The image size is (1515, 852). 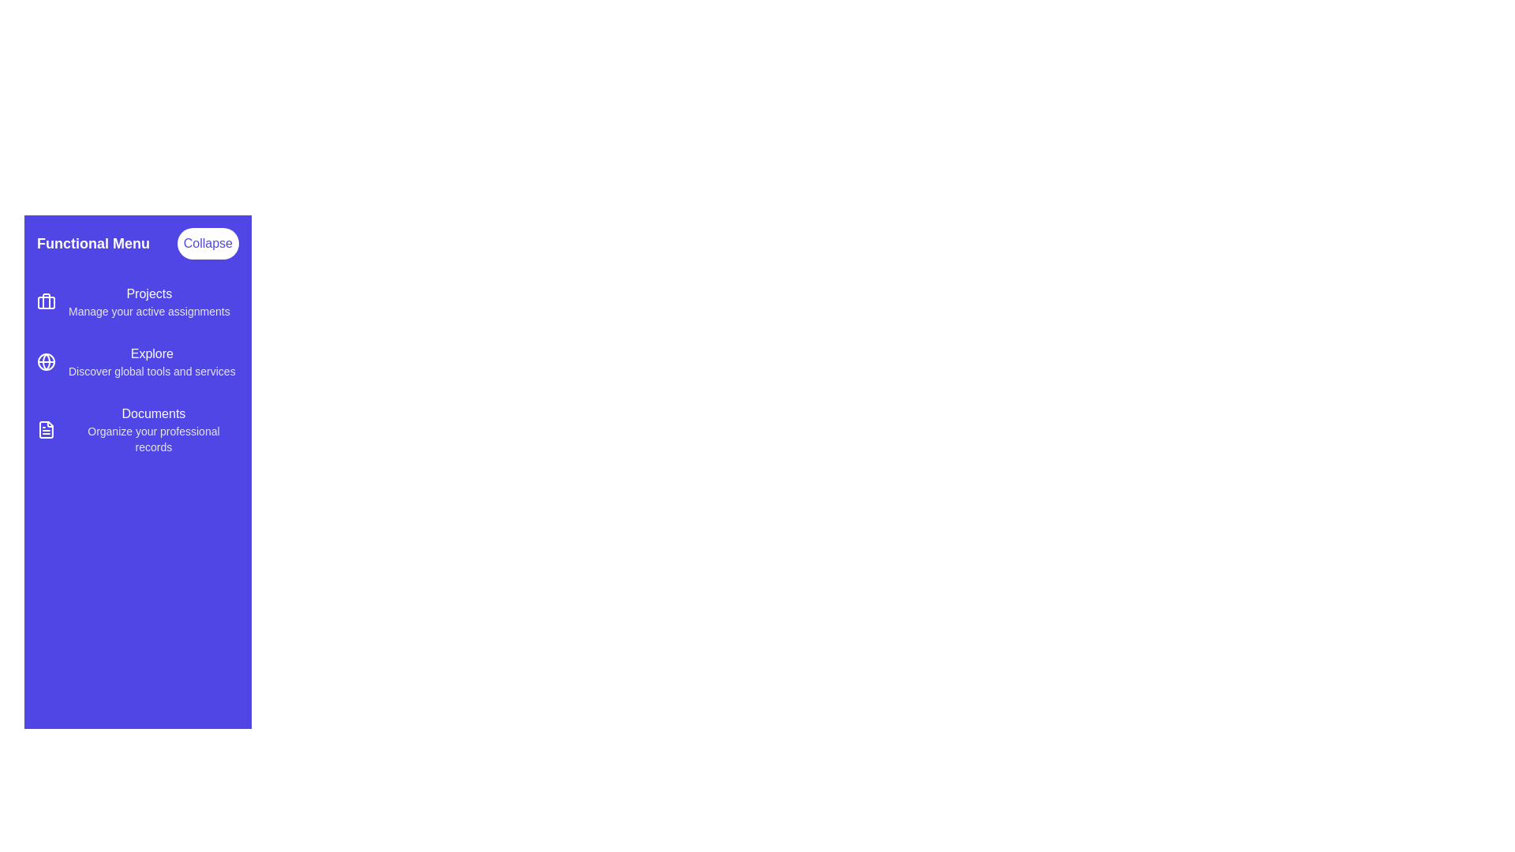 What do you see at coordinates (46, 362) in the screenshot?
I see `the icon corresponding to the menu item Explore` at bounding box center [46, 362].